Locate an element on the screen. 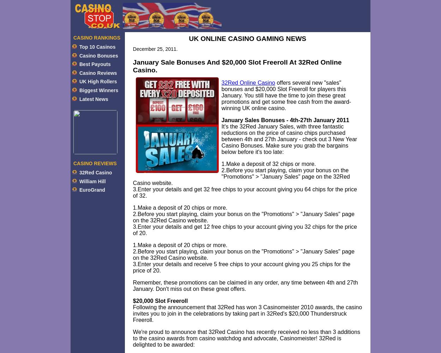 The width and height of the screenshot is (441, 353). 'CASINO RANKINGS' is located at coordinates (97, 37).